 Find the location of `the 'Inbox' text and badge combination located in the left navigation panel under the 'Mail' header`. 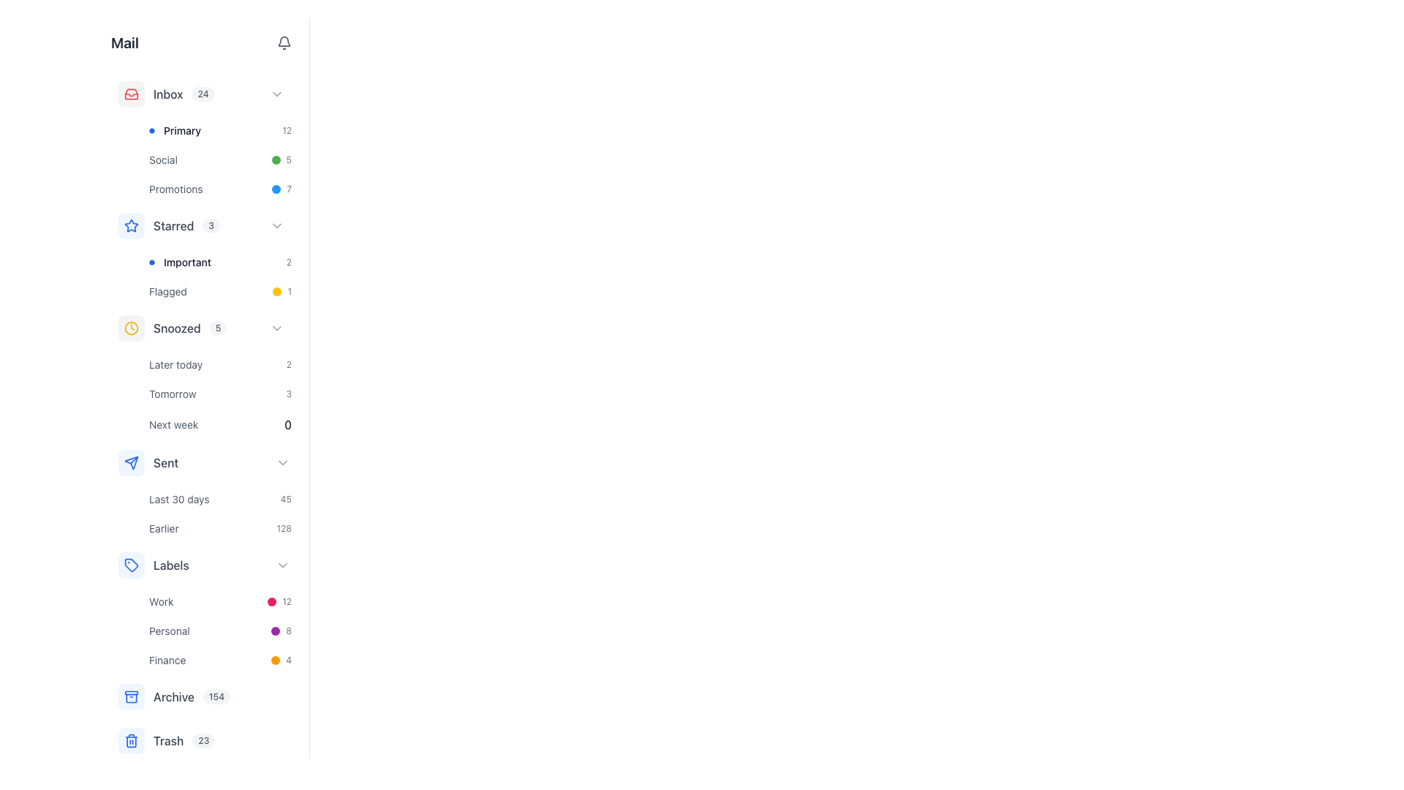

the 'Inbox' text and badge combination located in the left navigation panel under the 'Mail' header is located at coordinates (183, 94).